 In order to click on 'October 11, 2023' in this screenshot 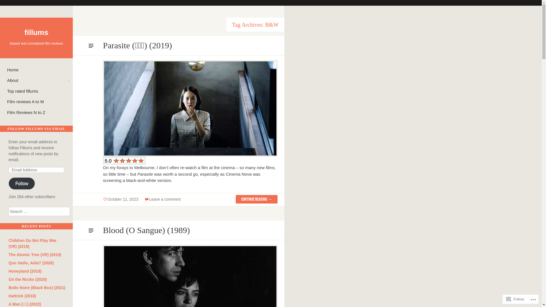, I will do `click(103, 199)`.